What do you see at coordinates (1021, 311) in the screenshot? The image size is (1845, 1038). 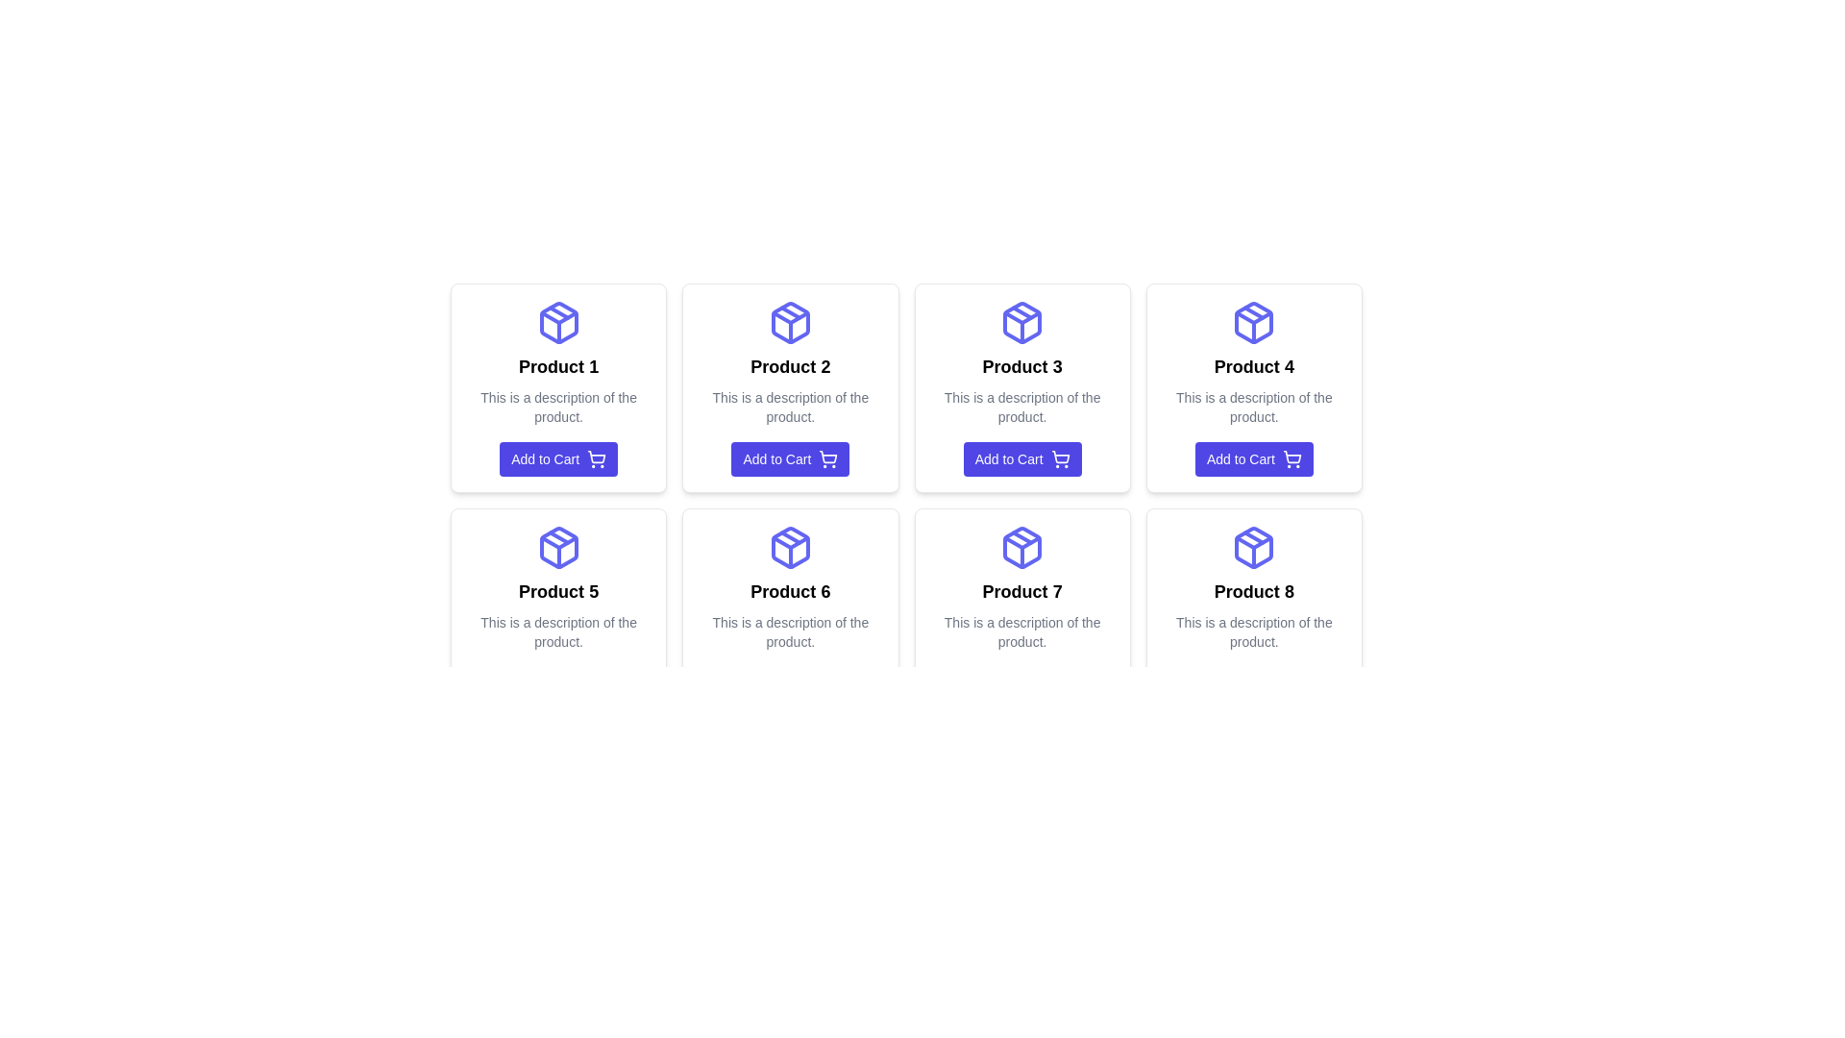 I see `the diagonal line segment in the SVG graphic that represents an edge of a cube, located above the text 'Product 3'` at bounding box center [1021, 311].